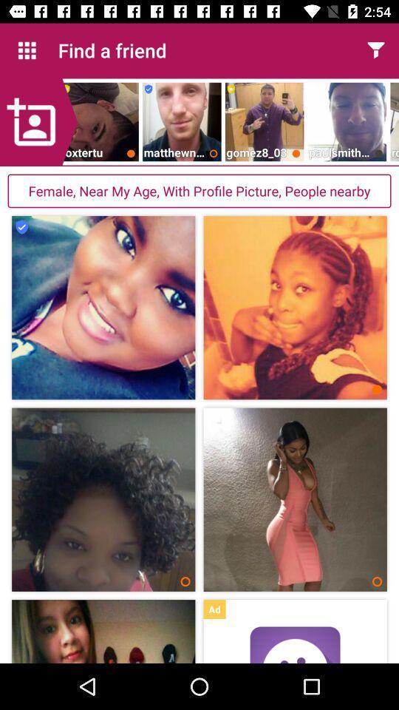  What do you see at coordinates (295, 644) in the screenshot?
I see `switch autoplay option` at bounding box center [295, 644].